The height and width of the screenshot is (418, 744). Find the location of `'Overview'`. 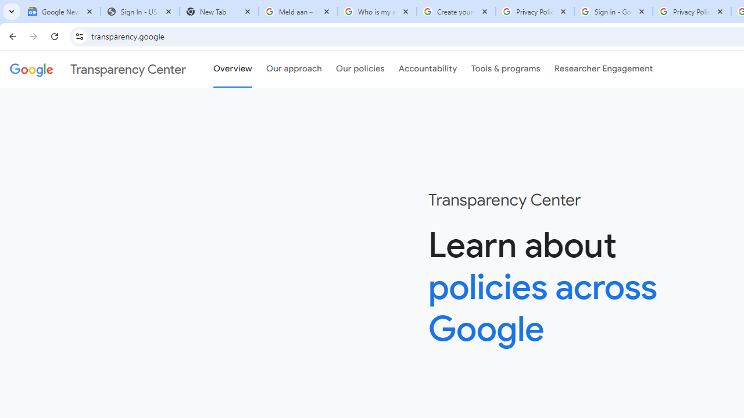

'Overview' is located at coordinates (233, 69).